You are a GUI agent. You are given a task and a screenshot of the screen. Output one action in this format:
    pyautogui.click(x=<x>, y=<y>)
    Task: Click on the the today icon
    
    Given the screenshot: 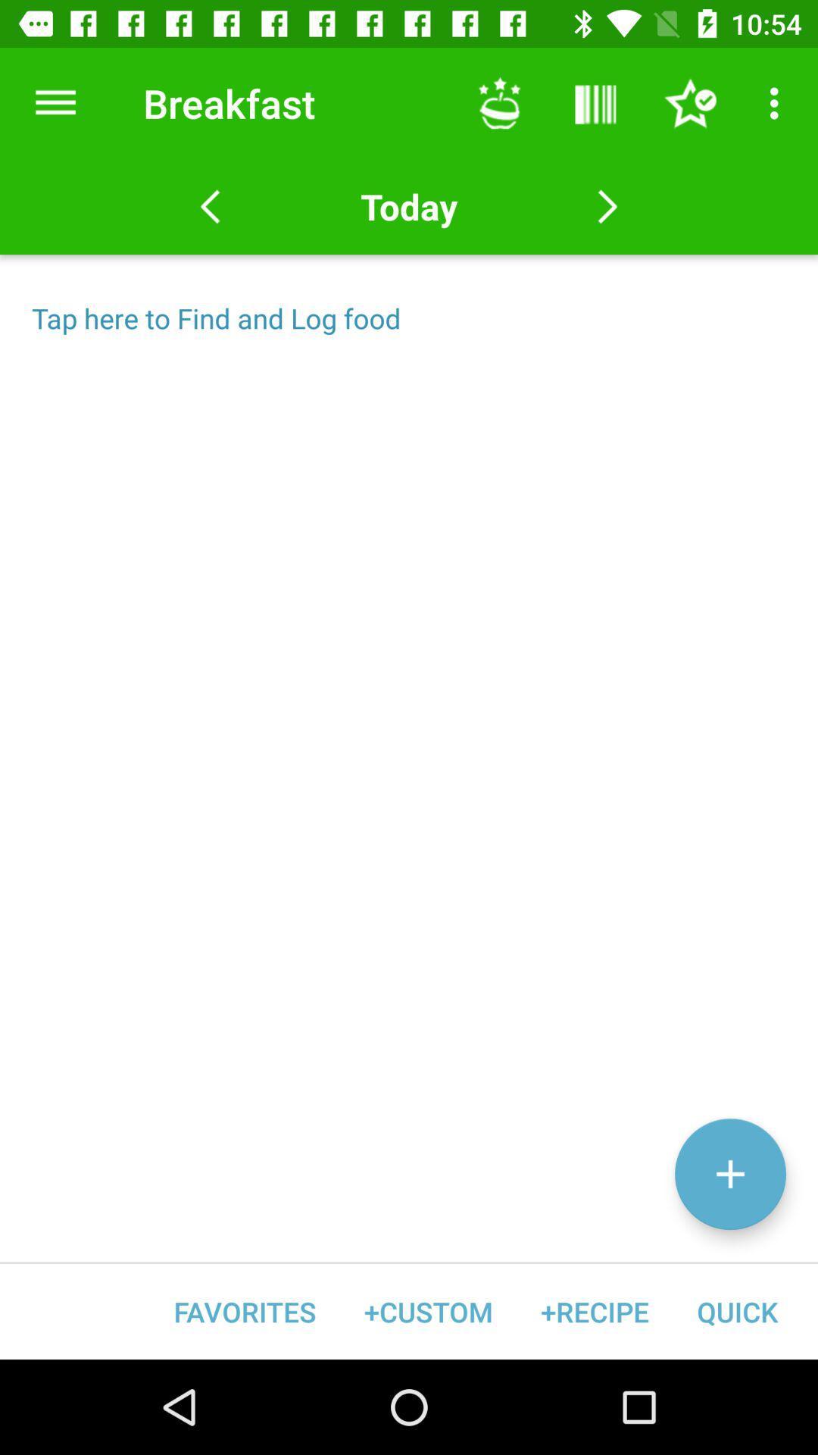 What is the action you would take?
    pyautogui.click(x=409, y=206)
    